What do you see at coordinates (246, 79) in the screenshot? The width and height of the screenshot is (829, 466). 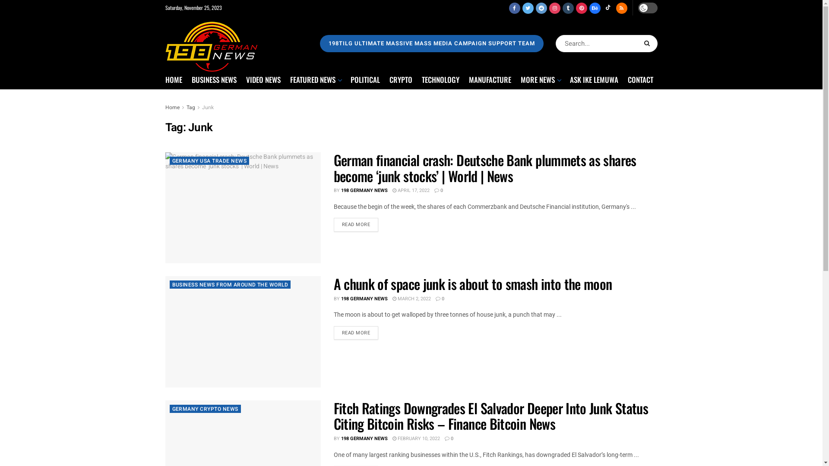 I see `'VIDEO NEWS'` at bounding box center [246, 79].